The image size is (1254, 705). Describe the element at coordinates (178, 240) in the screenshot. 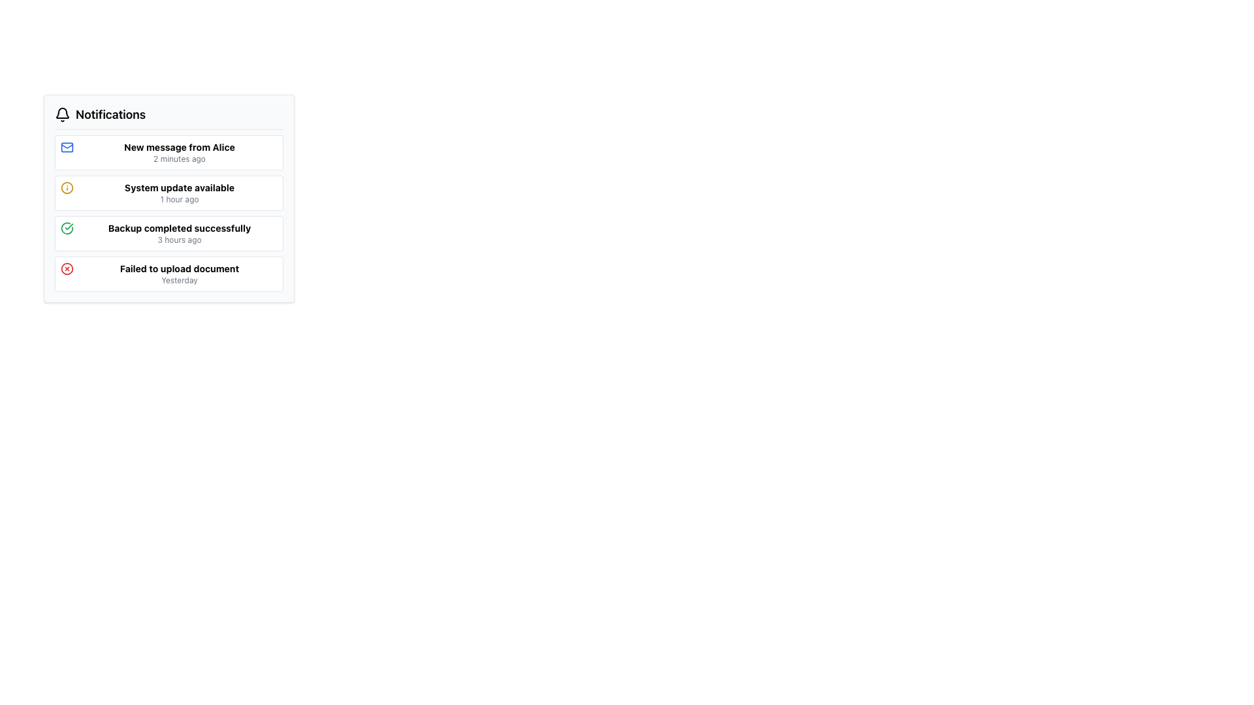

I see `the timestamp text label located centrally beneath the 'Backup completed successfully.' heading in the notification panel` at that location.